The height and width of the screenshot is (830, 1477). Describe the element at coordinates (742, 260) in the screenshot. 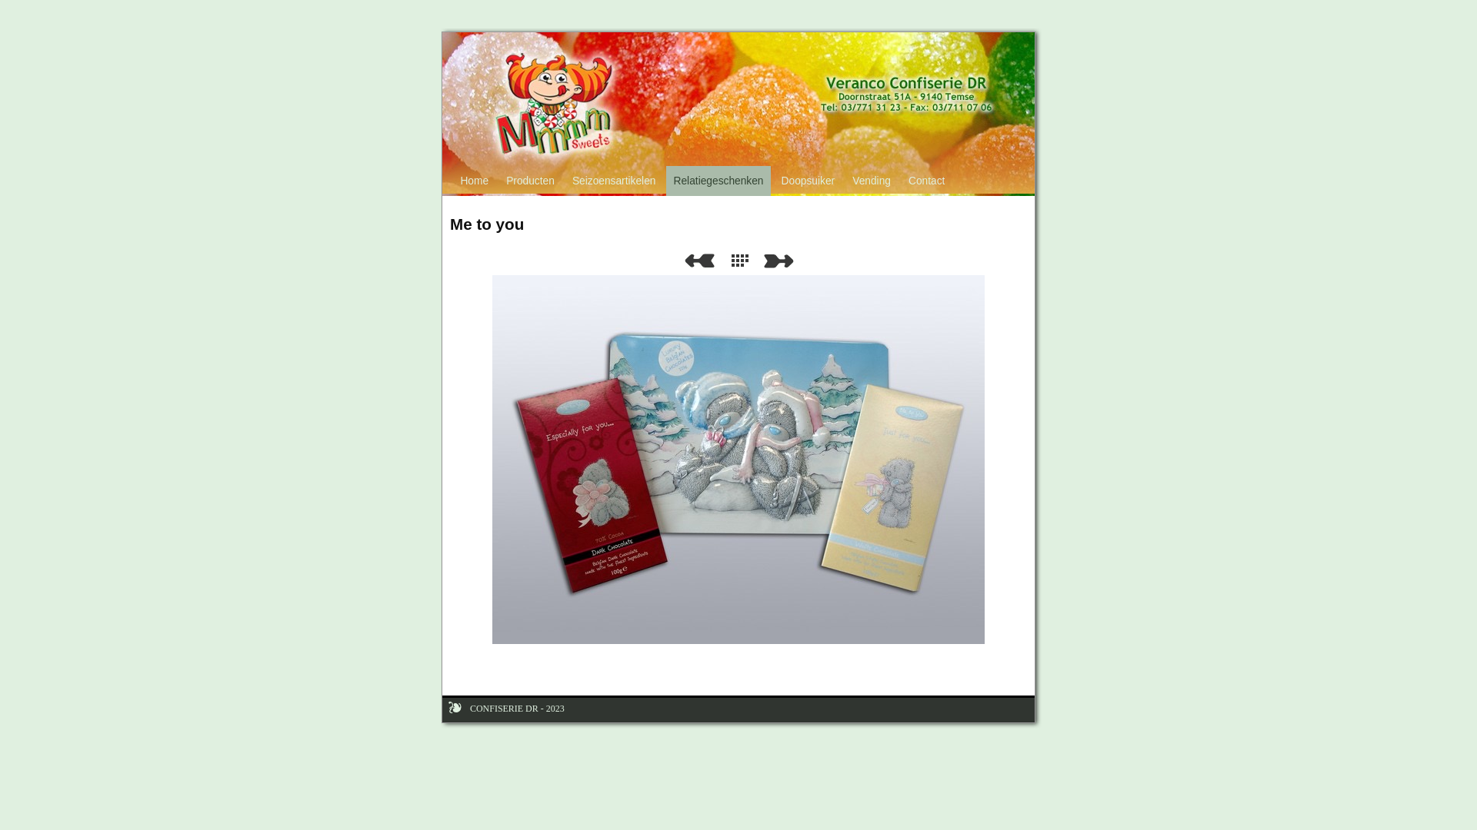

I see `'List'` at that location.